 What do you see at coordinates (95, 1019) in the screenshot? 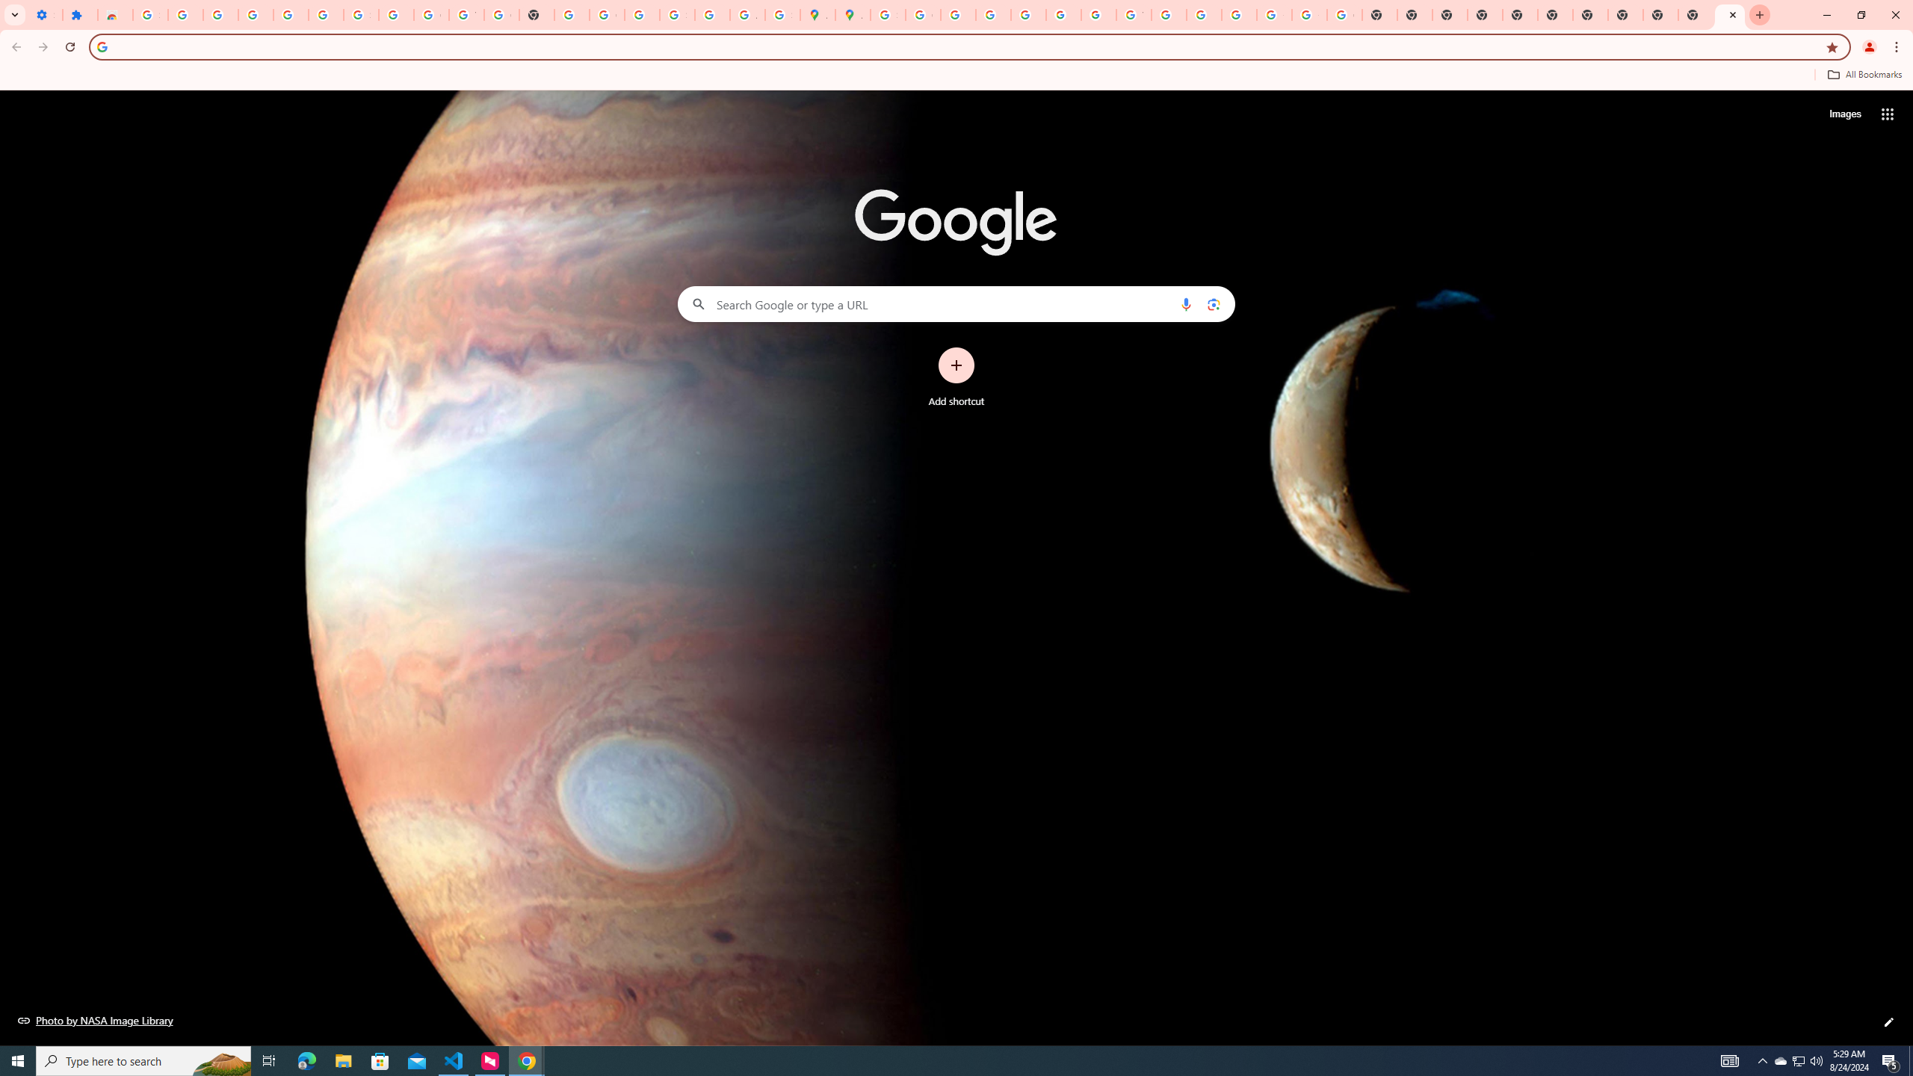
I see `'Photo by NASA Image Library'` at bounding box center [95, 1019].